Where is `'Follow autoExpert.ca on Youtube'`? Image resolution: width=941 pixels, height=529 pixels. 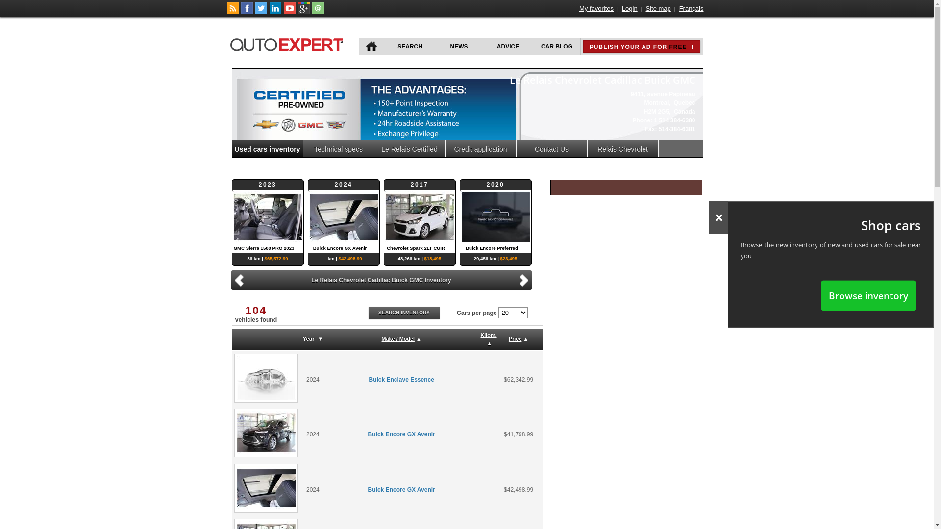 'Follow autoExpert.ca on Youtube' is located at coordinates (282, 12).